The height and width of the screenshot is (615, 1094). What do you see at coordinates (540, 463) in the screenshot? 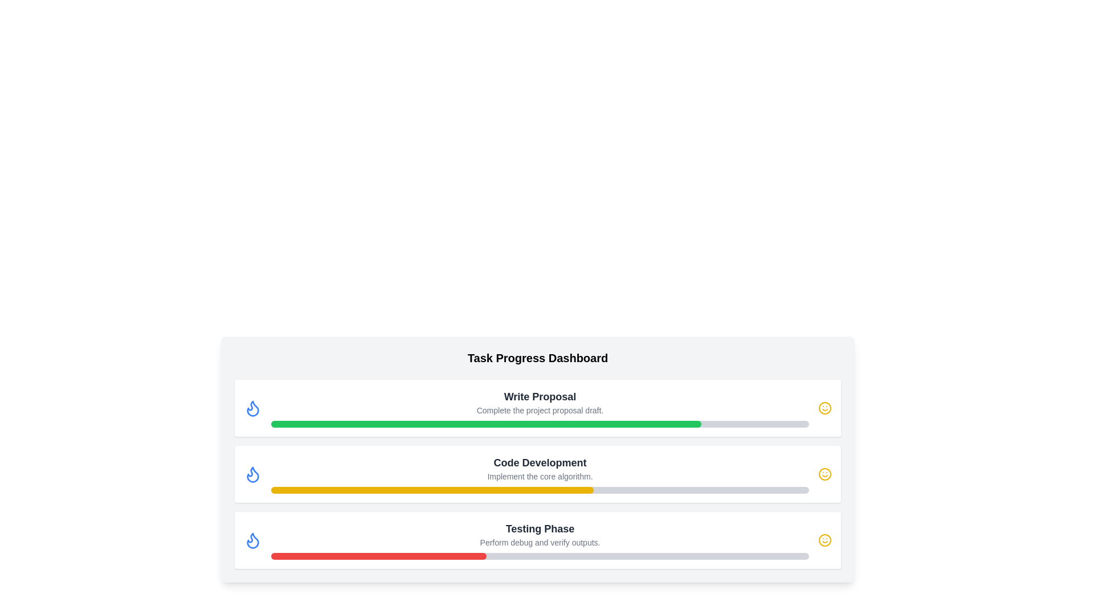
I see `the text label displaying 'Code Development', which is bold, dark gray, and larger than adjacent text, located at the center of the dashboard above other elements` at bounding box center [540, 463].